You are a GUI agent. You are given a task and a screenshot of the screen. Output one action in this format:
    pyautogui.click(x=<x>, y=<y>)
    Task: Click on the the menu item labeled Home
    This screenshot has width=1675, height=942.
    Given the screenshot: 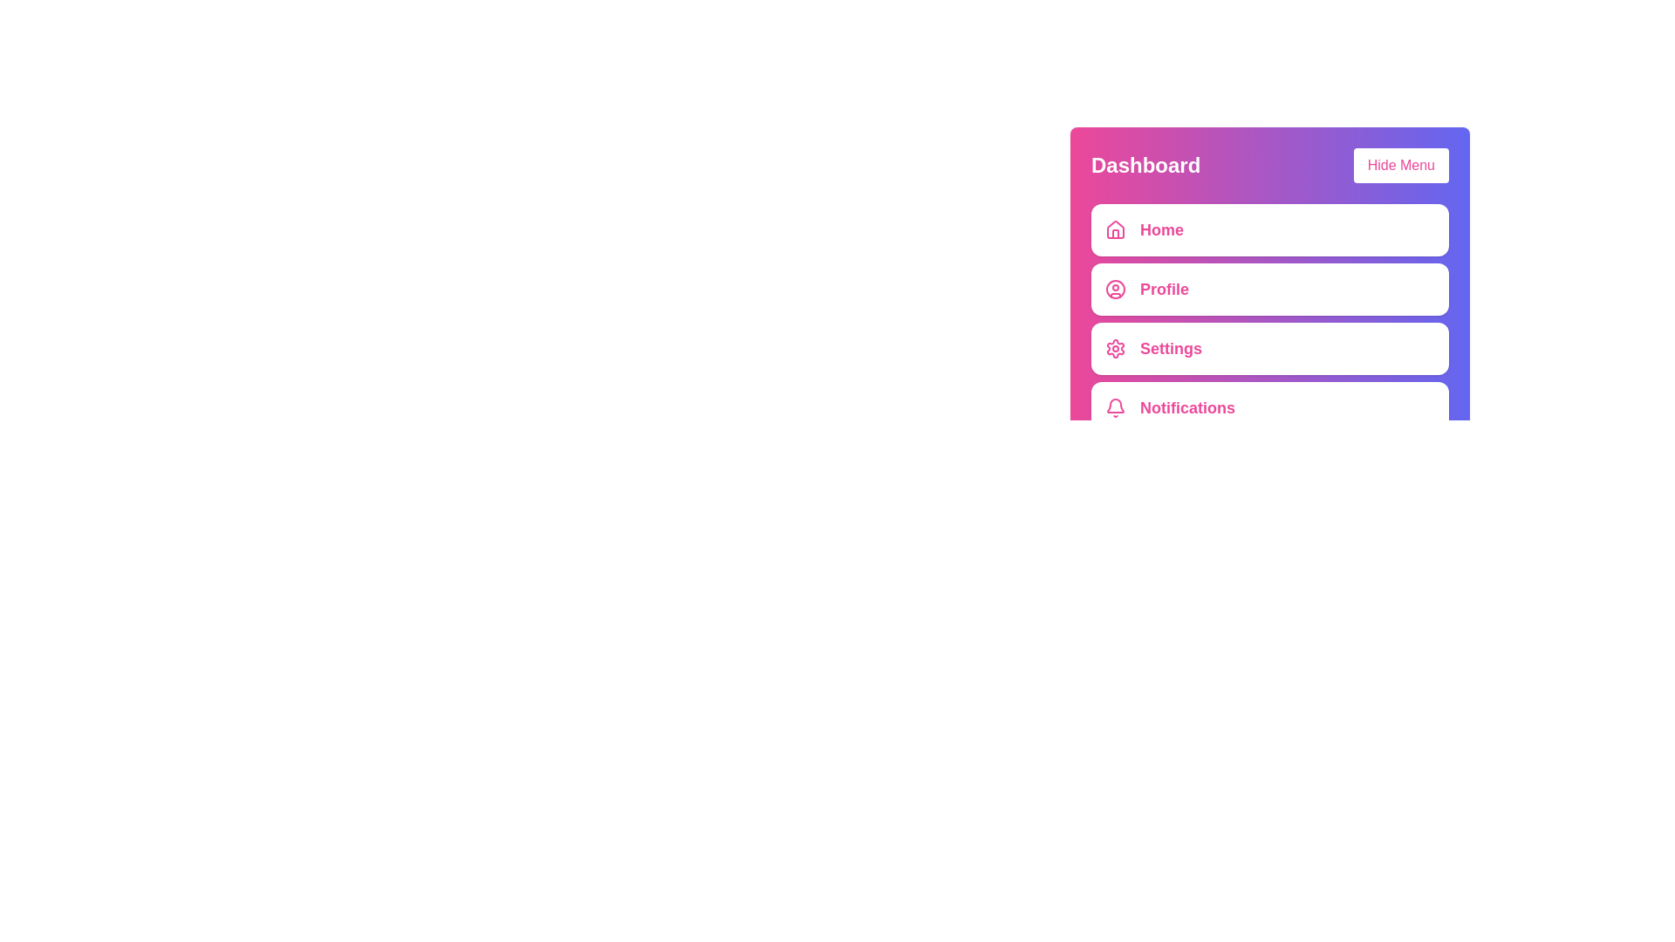 What is the action you would take?
    pyautogui.click(x=1269, y=229)
    